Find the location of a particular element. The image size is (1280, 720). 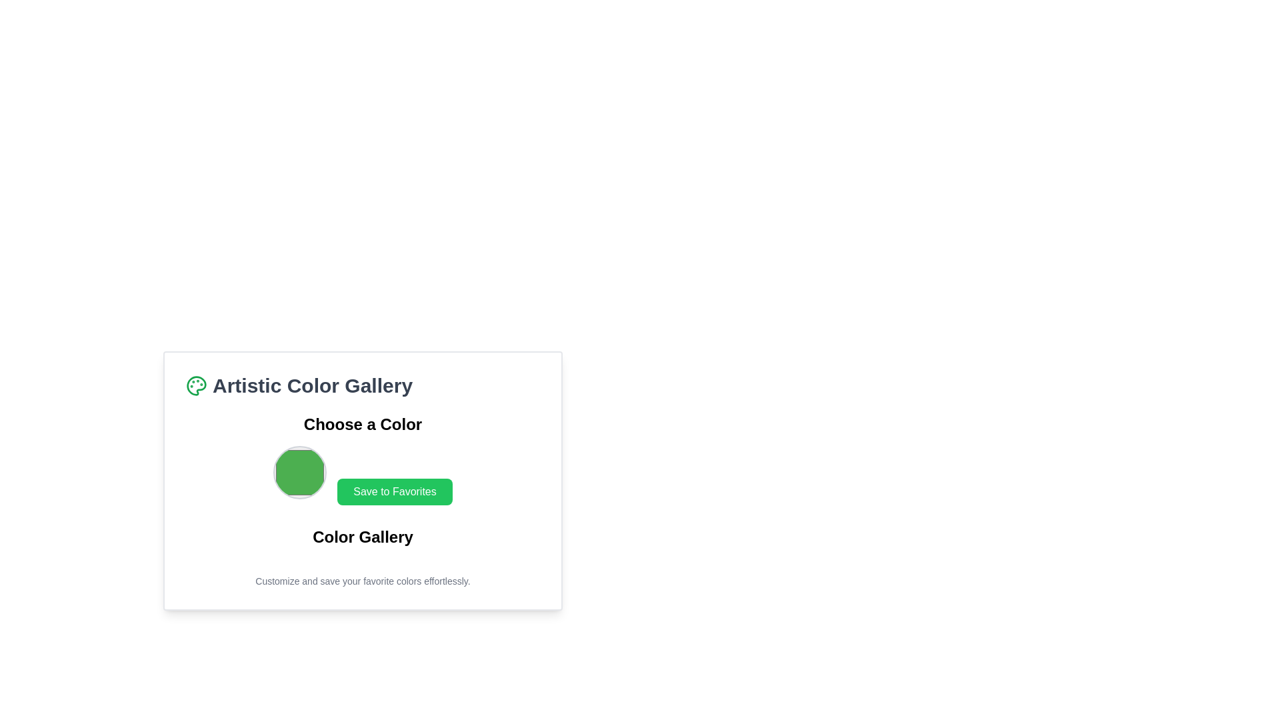

the circular painter's palette icon in the header of the 'Artistic Color Gallery' card component is located at coordinates (195, 385).